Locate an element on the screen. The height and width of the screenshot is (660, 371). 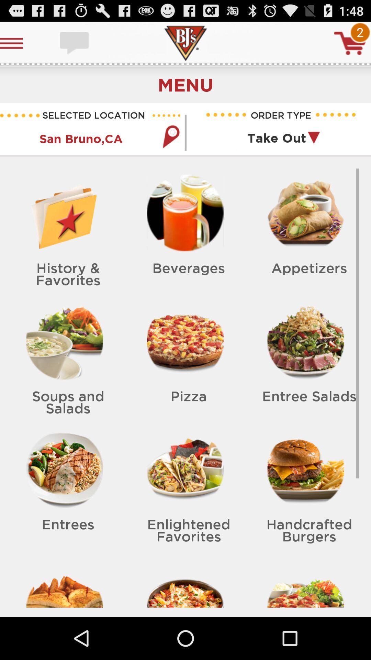
the location icon is located at coordinates (170, 146).